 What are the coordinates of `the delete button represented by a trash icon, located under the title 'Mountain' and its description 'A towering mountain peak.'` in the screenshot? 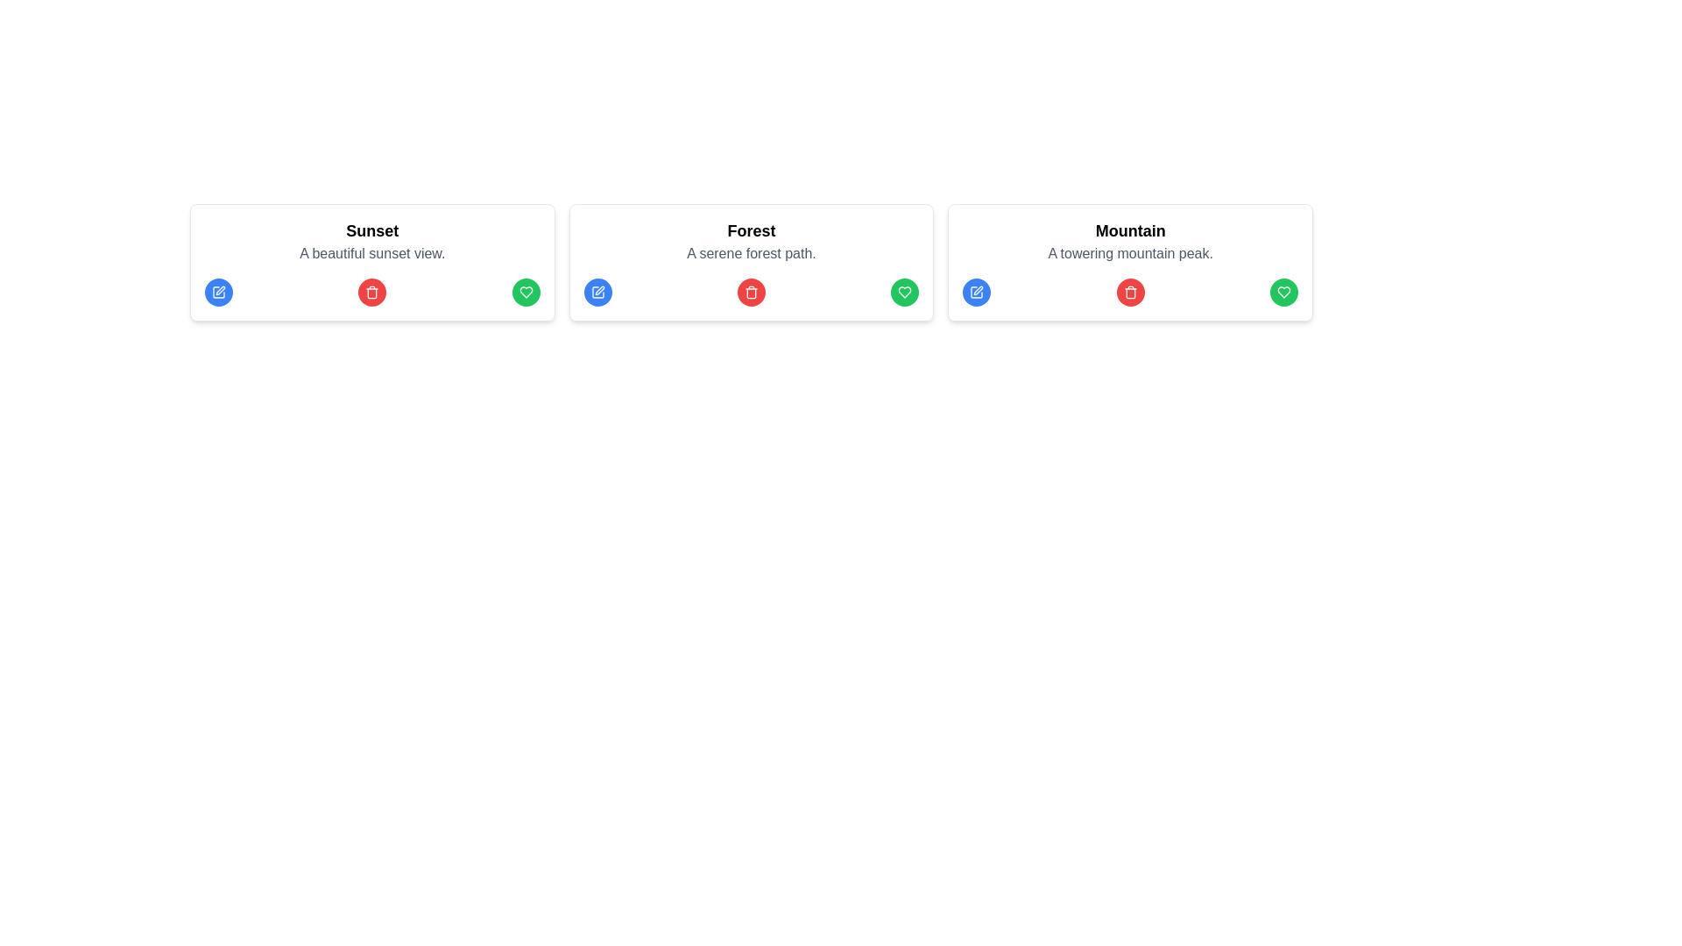 It's located at (1130, 292).